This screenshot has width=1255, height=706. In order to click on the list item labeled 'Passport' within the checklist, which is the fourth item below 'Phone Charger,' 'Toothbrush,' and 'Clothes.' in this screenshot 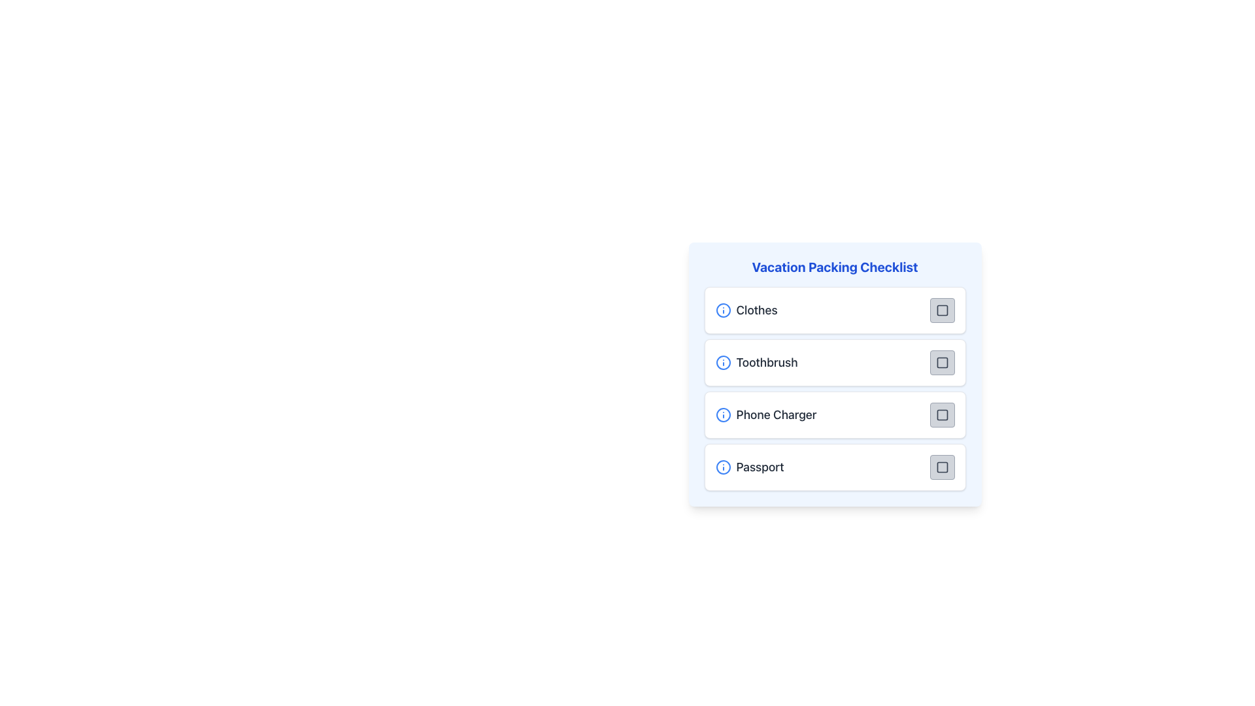, I will do `click(750, 466)`.